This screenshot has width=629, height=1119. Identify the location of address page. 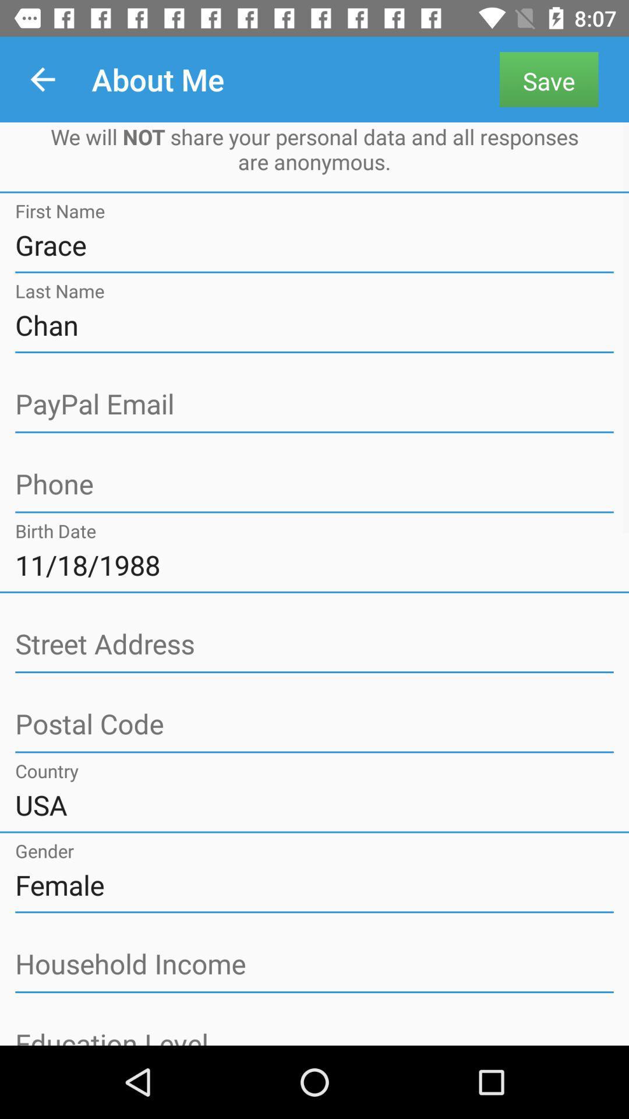
(314, 644).